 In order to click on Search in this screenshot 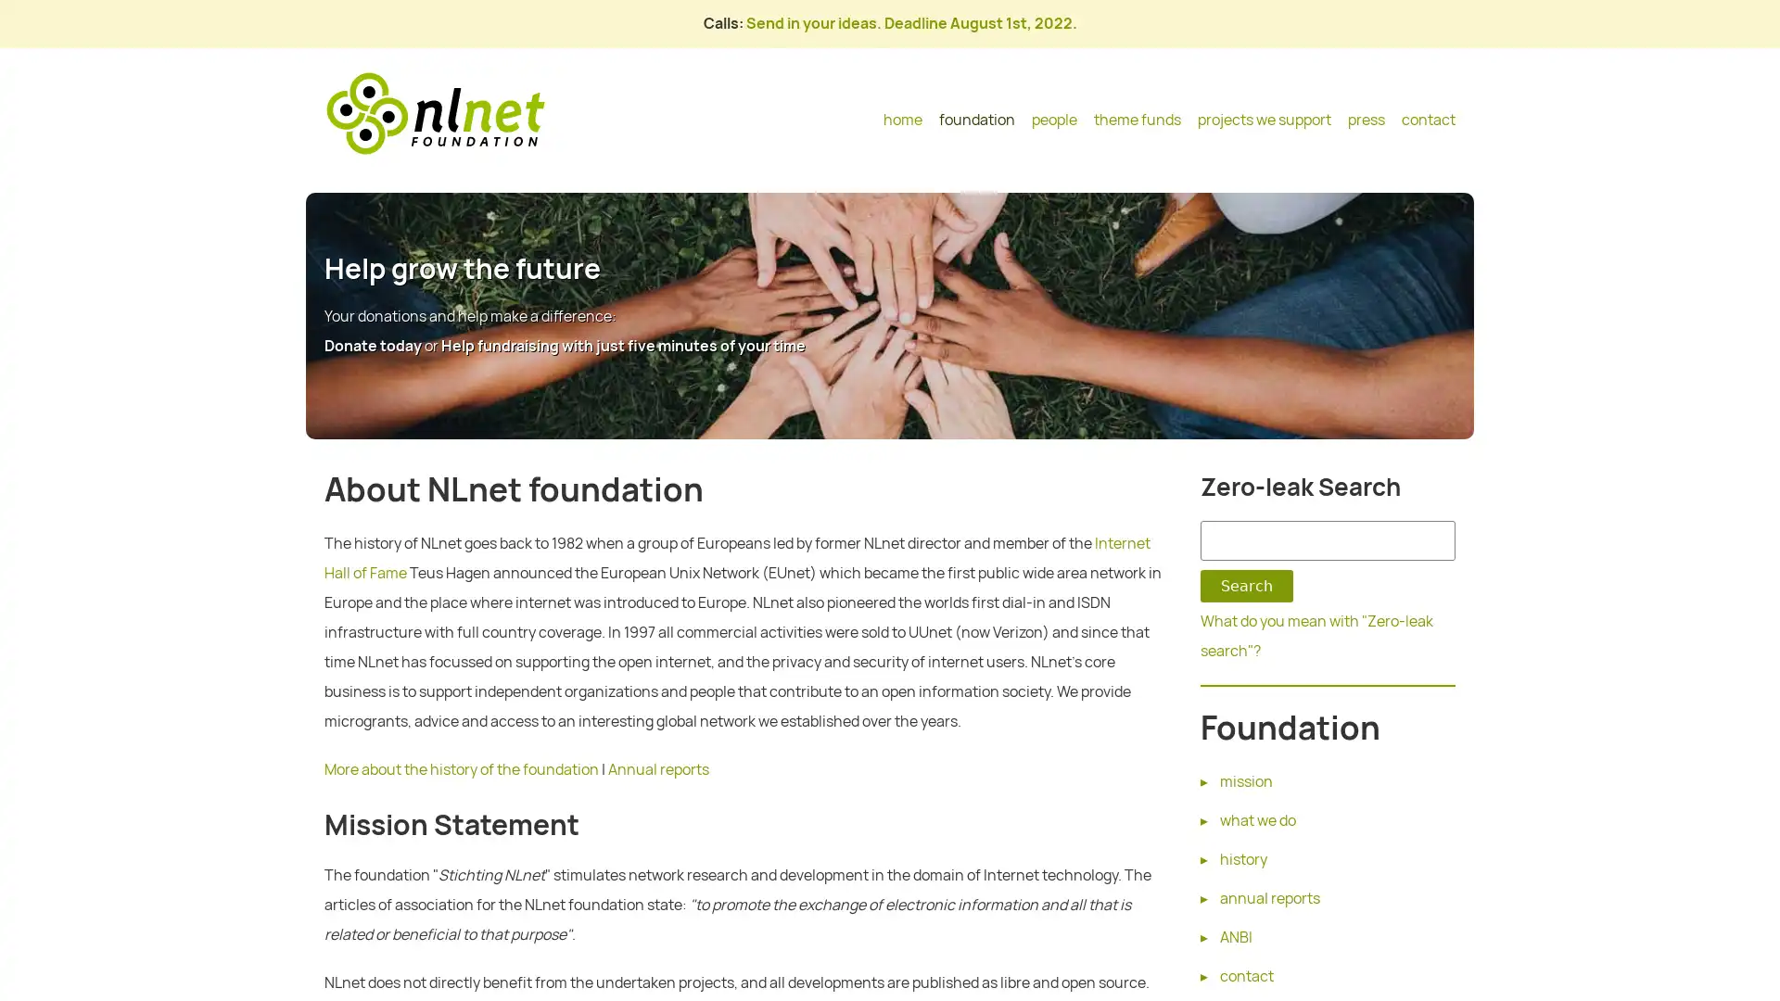, I will do `click(1246, 586)`.